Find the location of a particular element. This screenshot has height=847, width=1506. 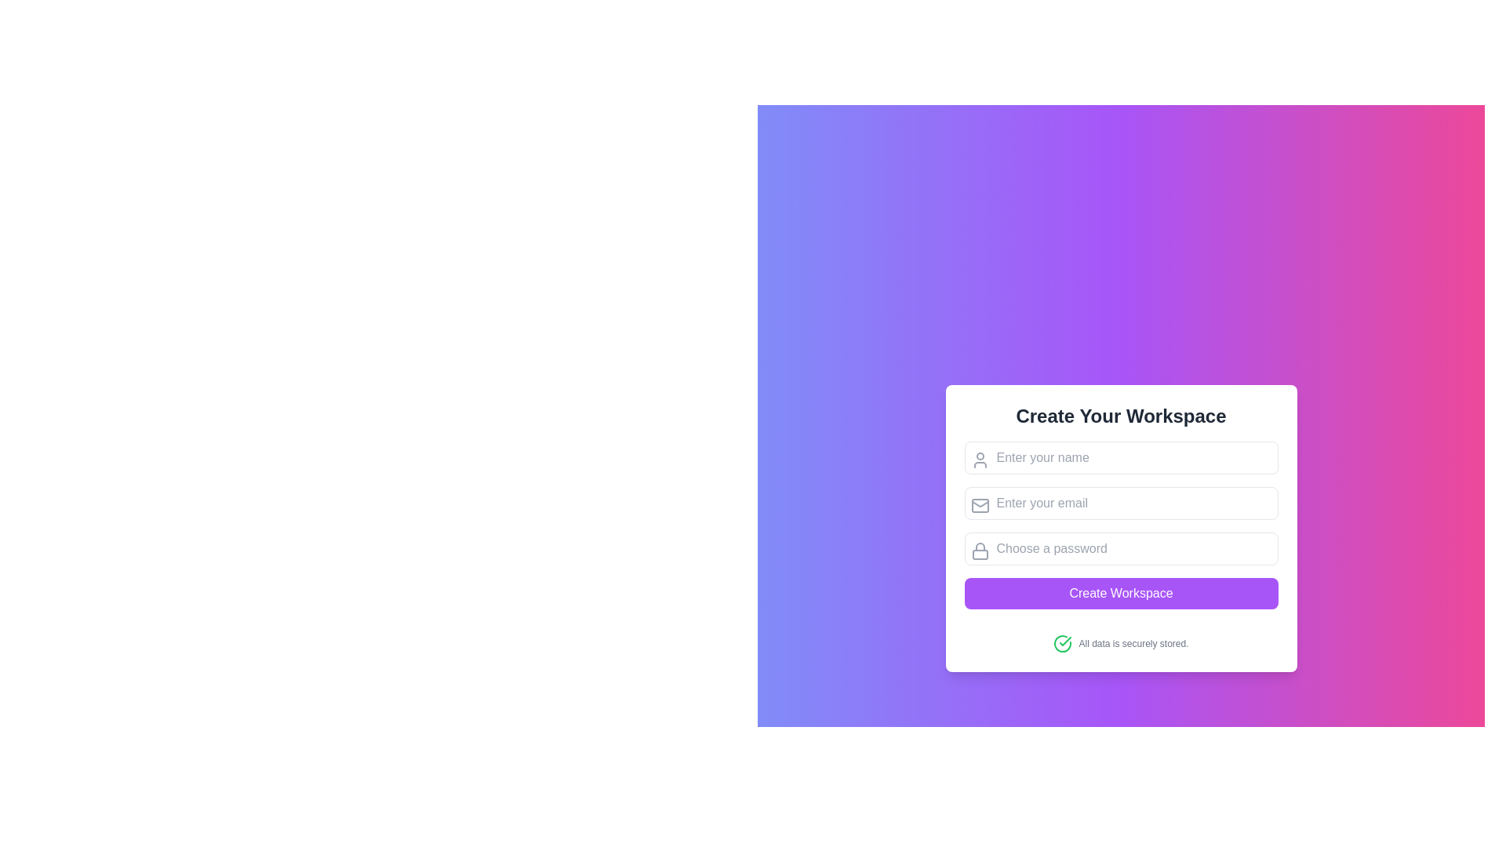

the green circular icon with a checkmark, which indicates a successful state, located to the left of the text 'All data is securely stored.' below the 'Create Workspace' button is located at coordinates (1063, 644).